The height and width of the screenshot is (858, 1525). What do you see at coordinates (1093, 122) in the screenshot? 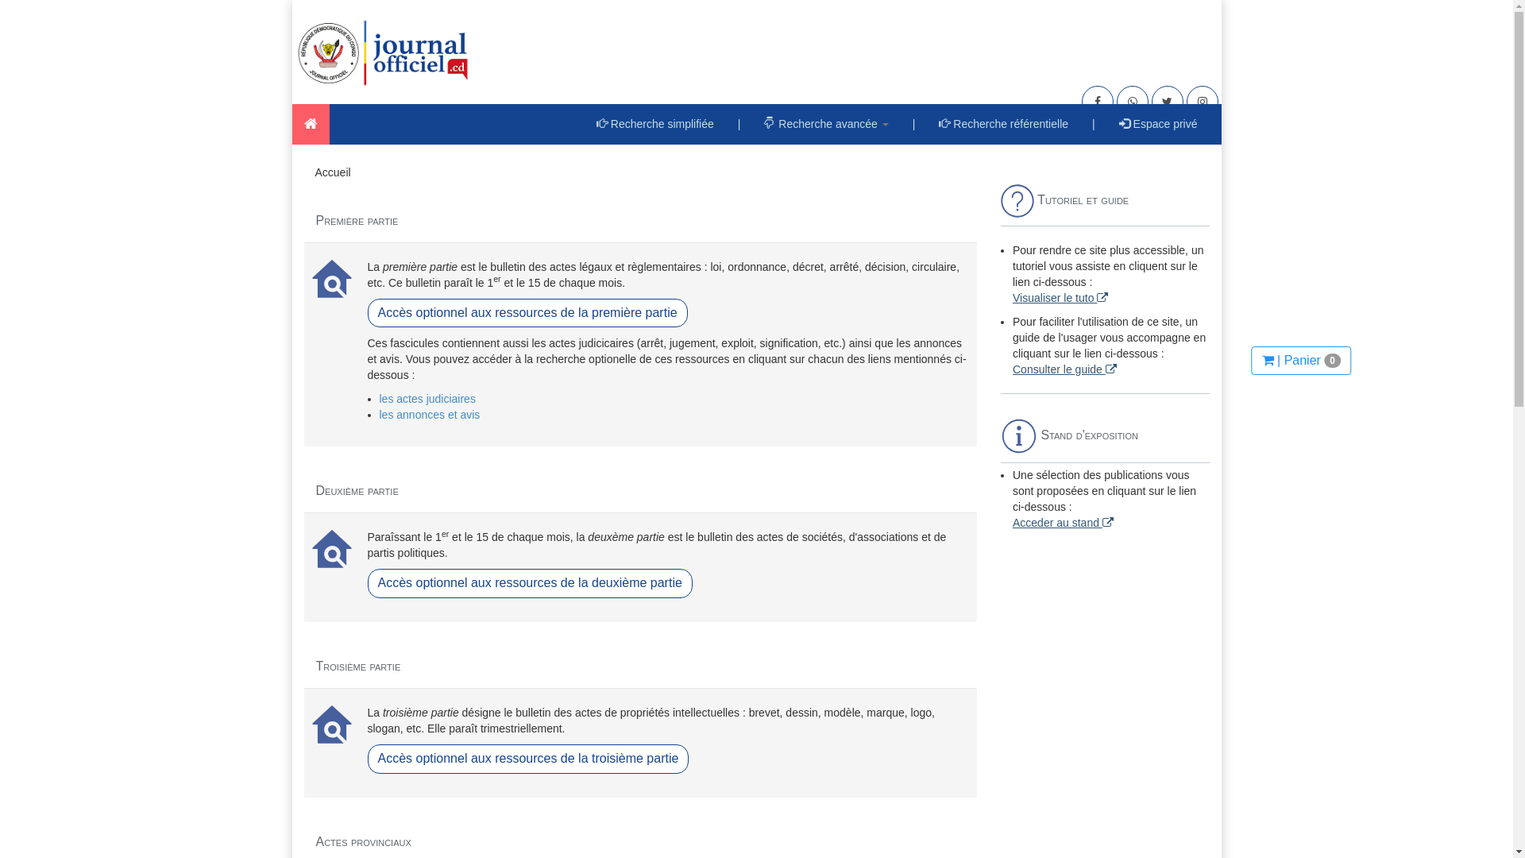
I see `'|'` at bounding box center [1093, 122].